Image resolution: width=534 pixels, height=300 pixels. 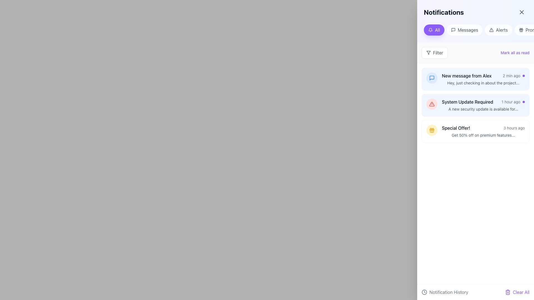 What do you see at coordinates (521, 30) in the screenshot?
I see `the gift icon, which is a stylized present box with a ribbon, located at the top-right corner of the Notifications panel, preceding the textual label 'Promotions'` at bounding box center [521, 30].